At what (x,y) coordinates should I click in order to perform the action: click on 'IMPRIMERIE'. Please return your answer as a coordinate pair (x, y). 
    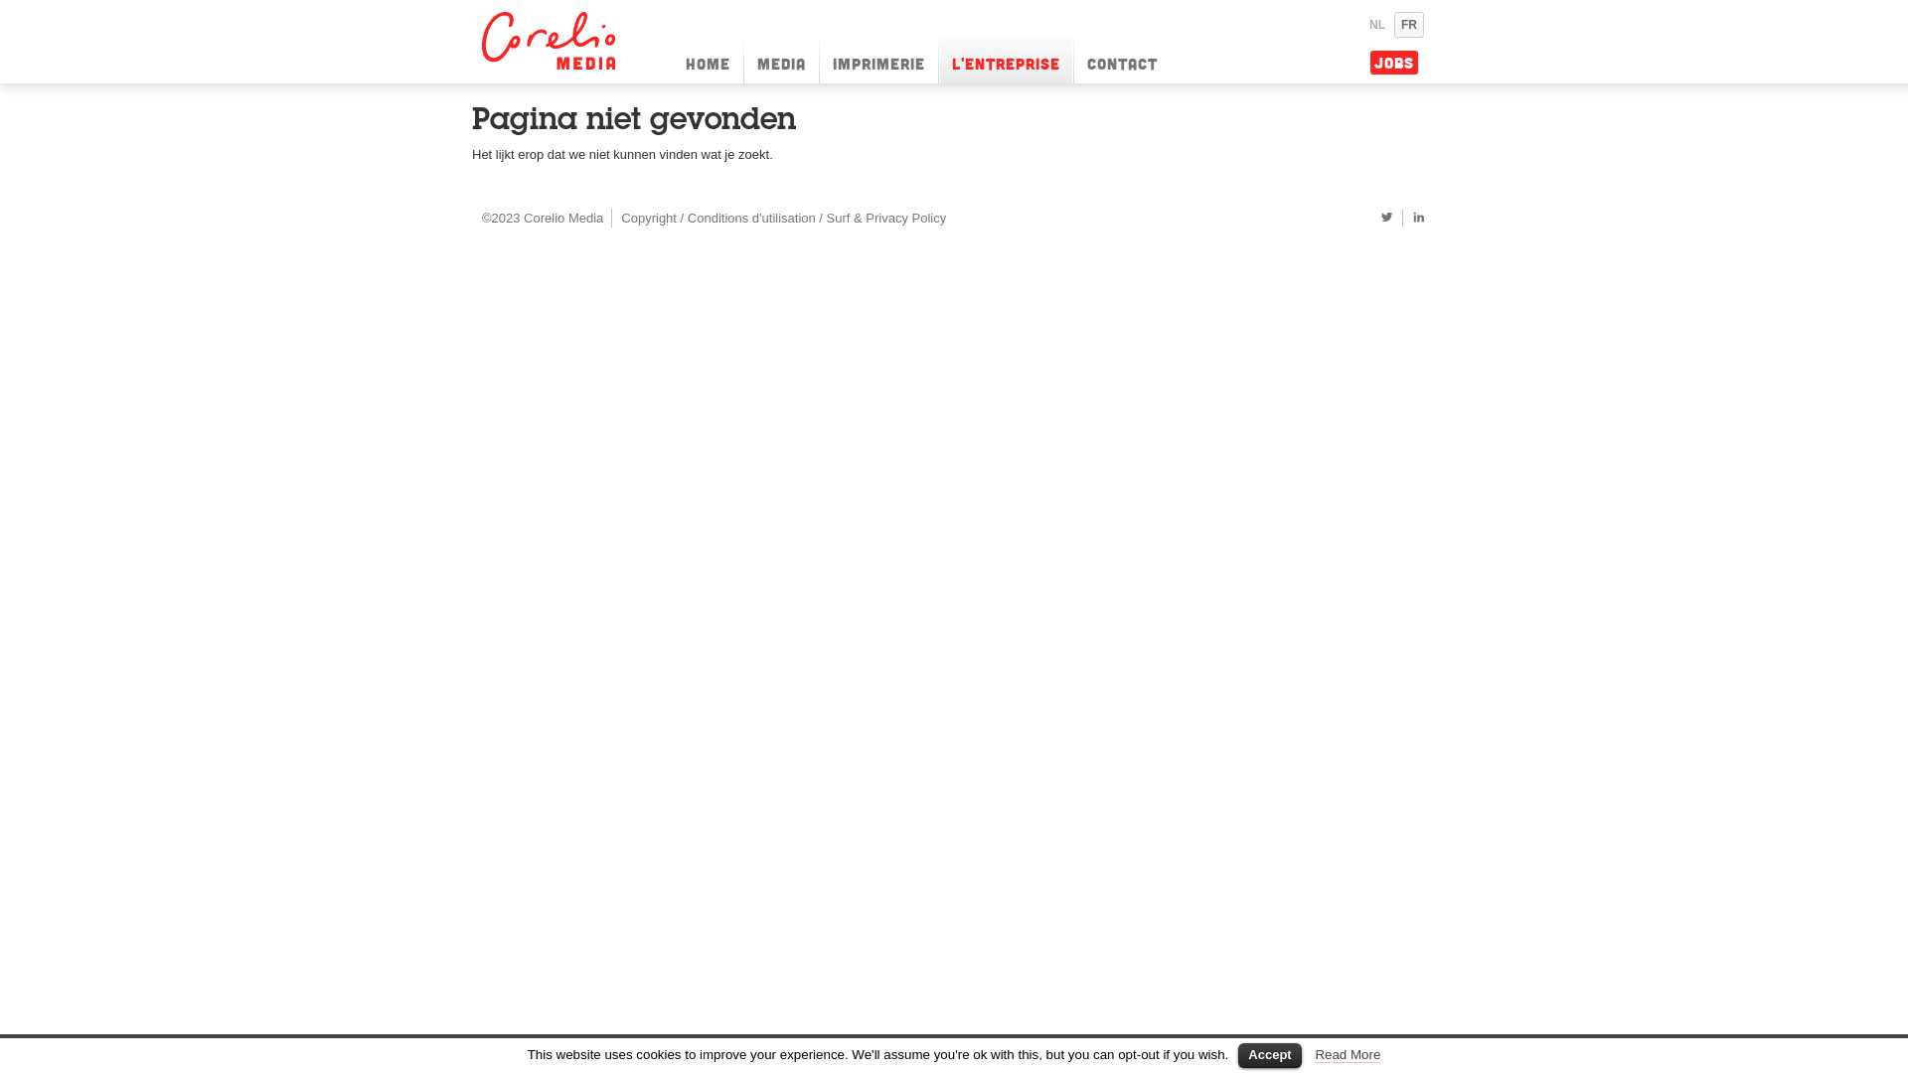
    Looking at the image, I should click on (877, 57).